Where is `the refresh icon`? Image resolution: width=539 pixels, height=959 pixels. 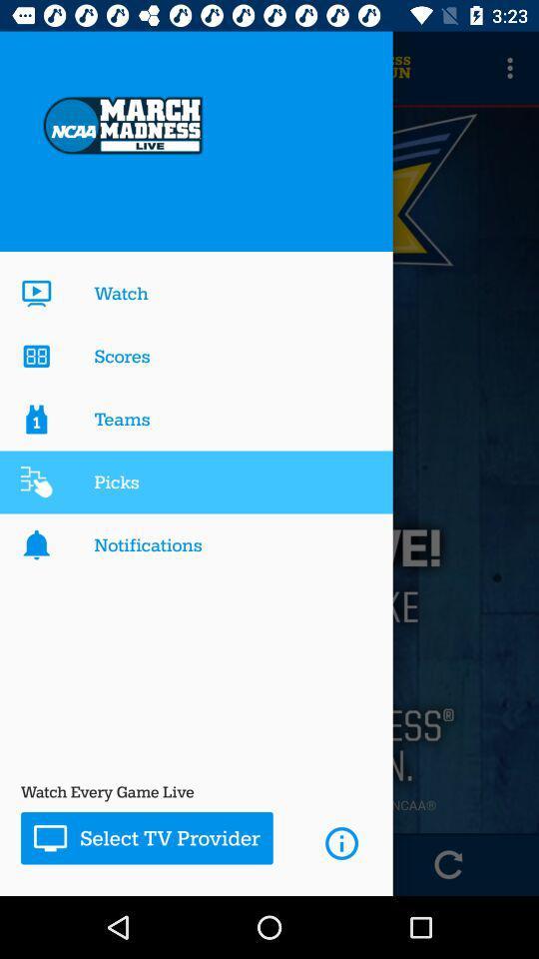 the refresh icon is located at coordinates (448, 863).